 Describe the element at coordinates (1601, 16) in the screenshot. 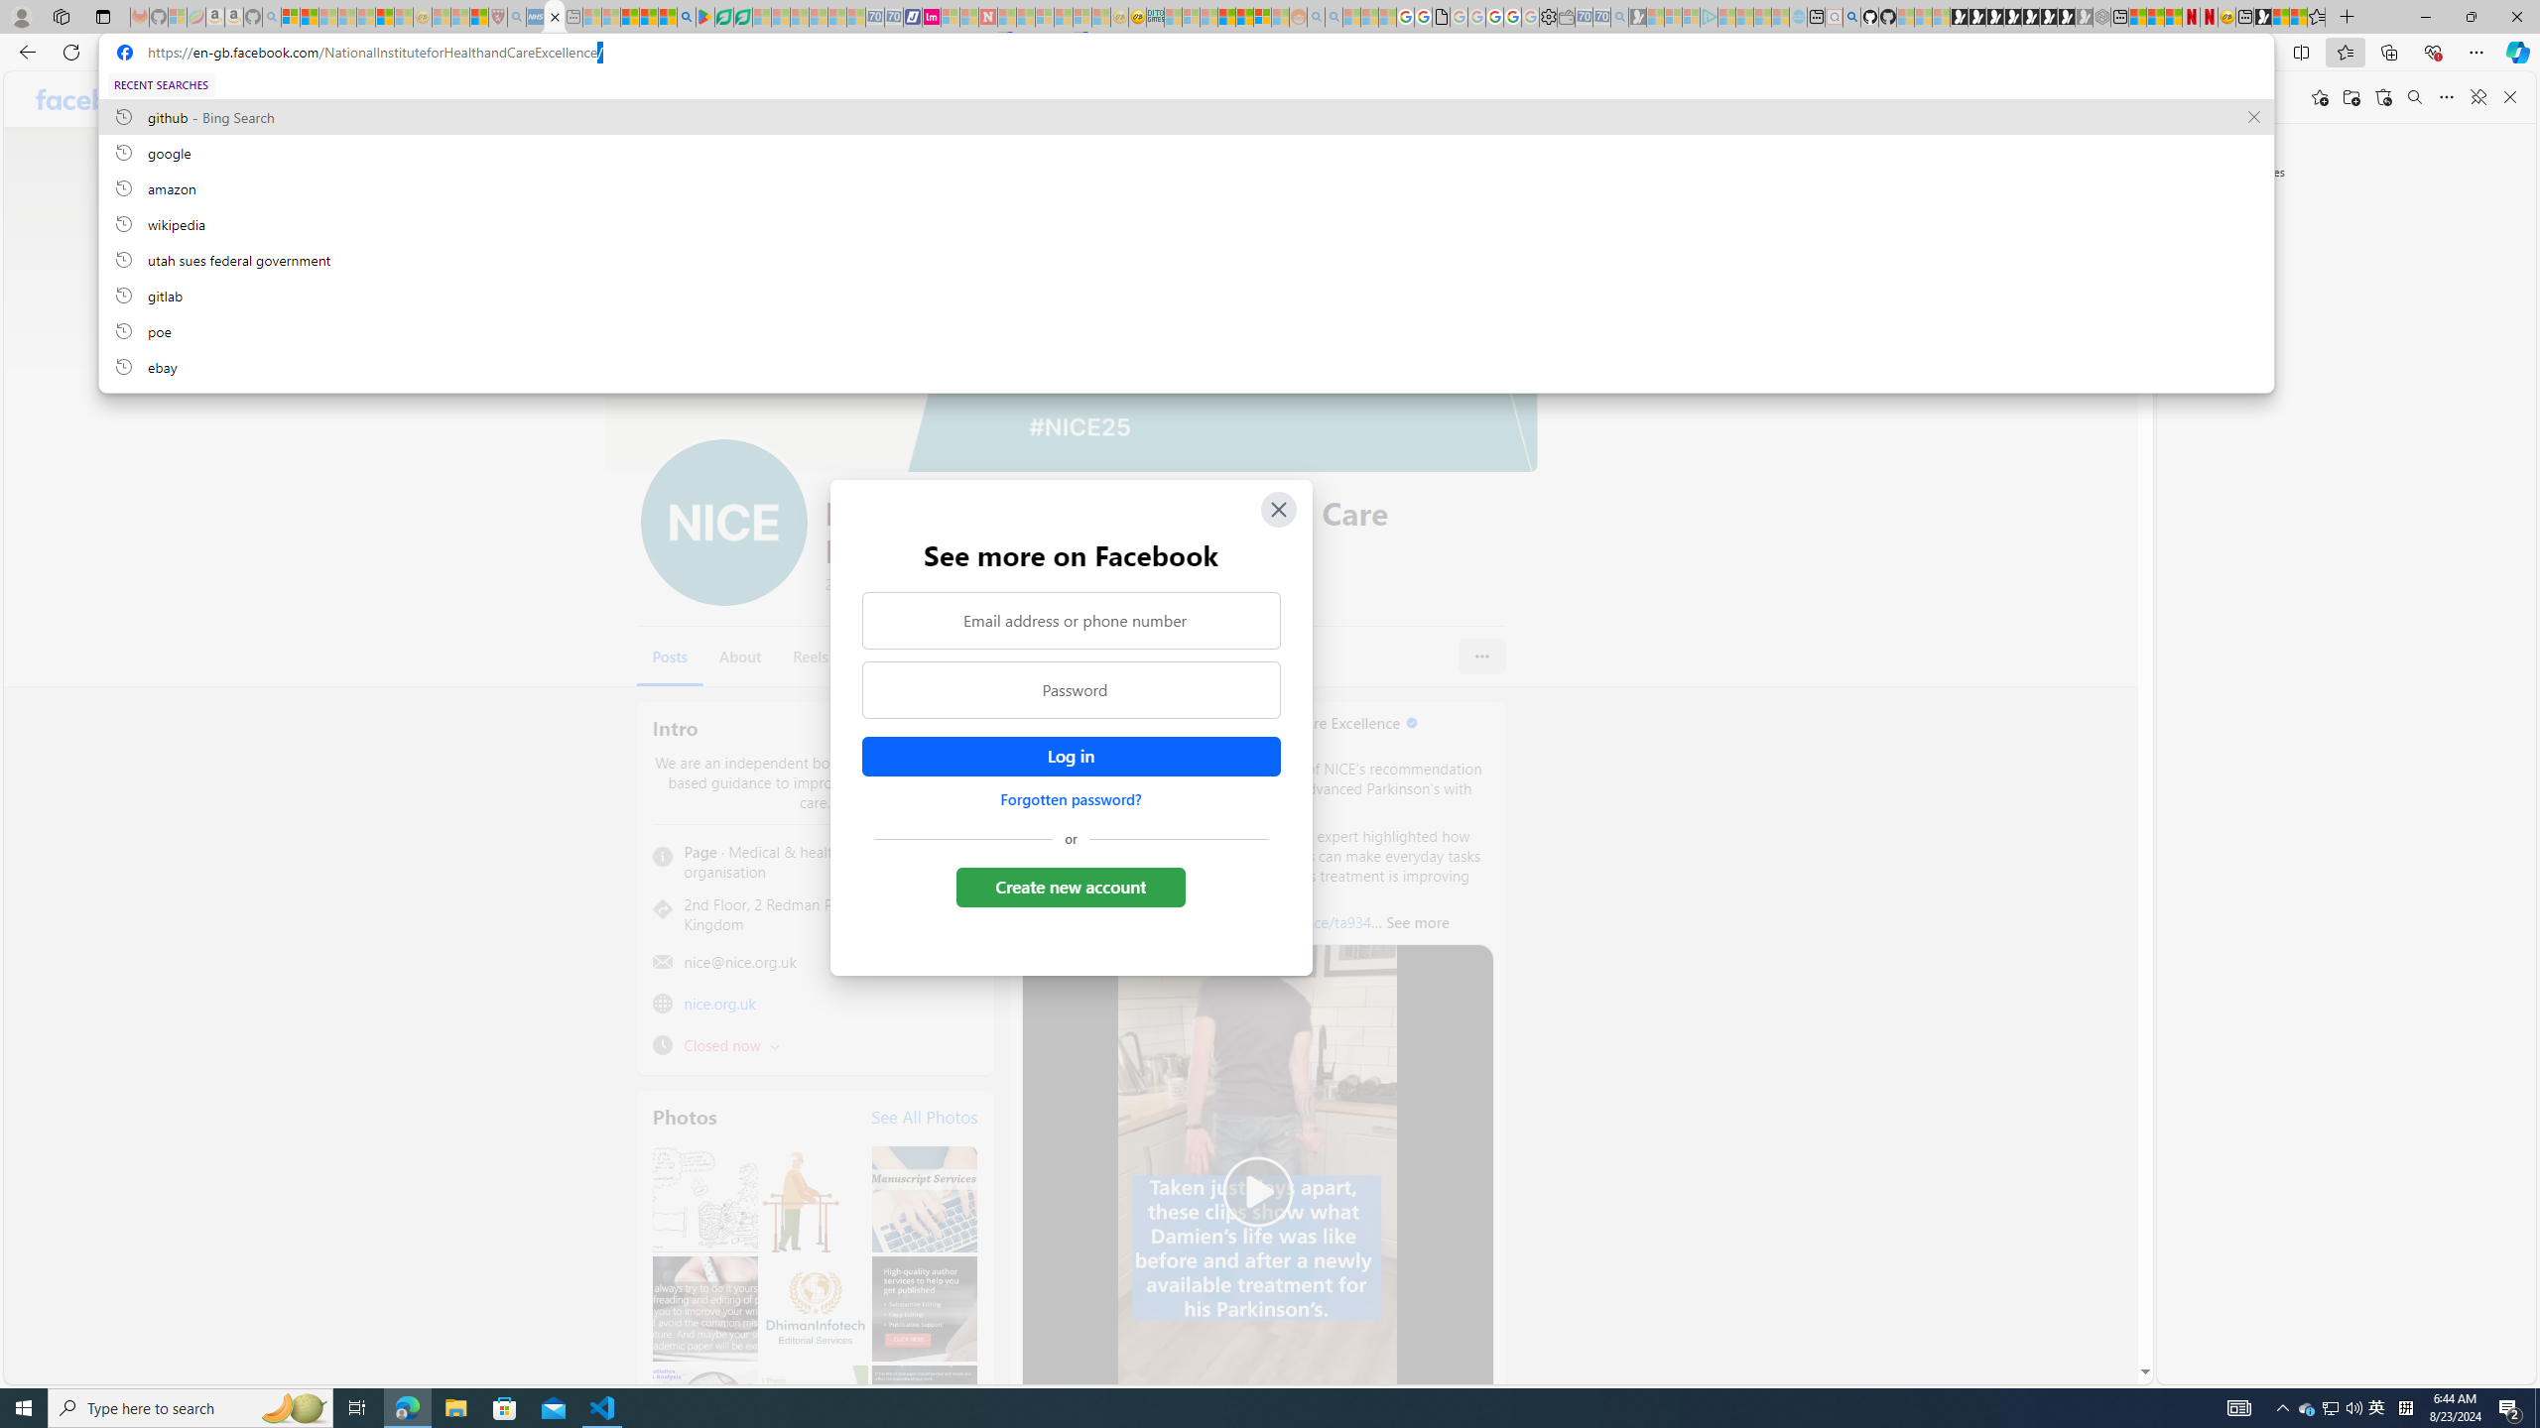

I see `'Cheap Car Rentals - Save70.com - Sleeping'` at that location.